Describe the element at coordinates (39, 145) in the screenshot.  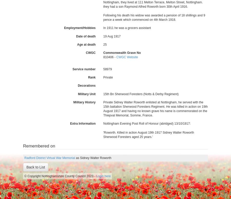
I see `'Remembered on'` at that location.